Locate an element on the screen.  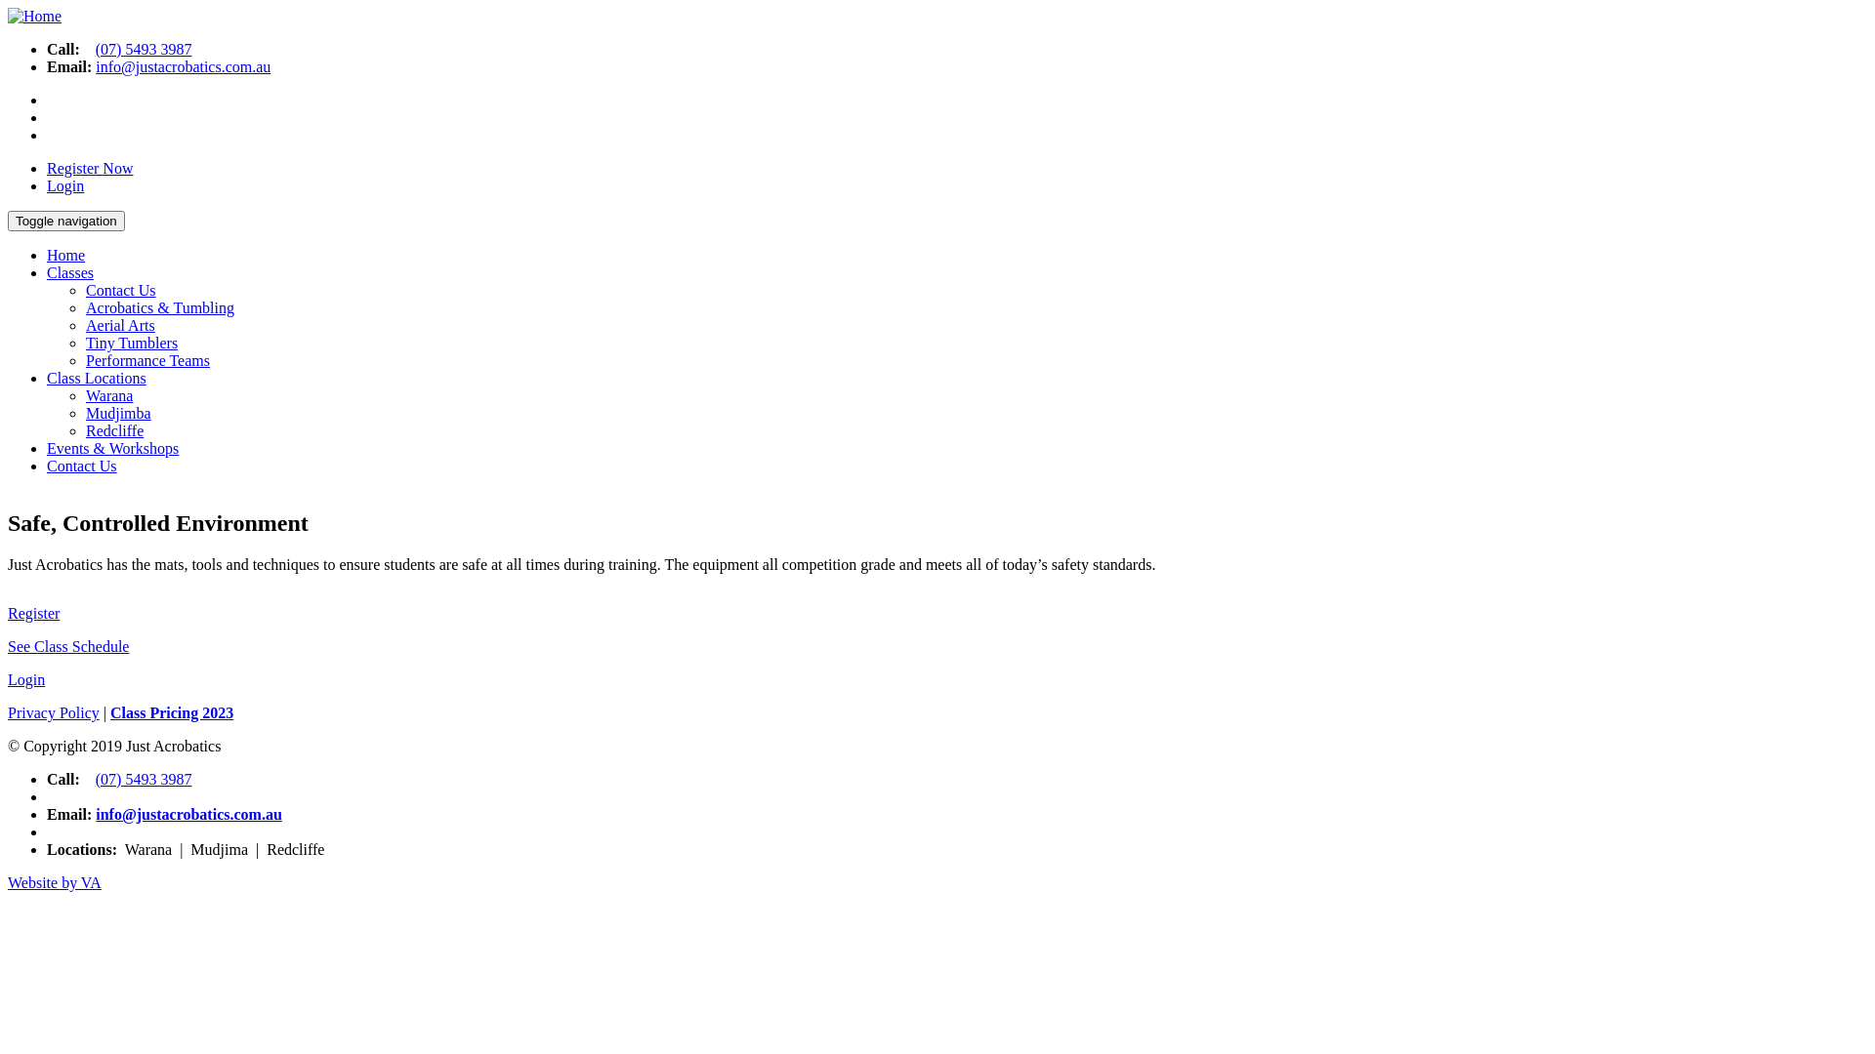
'Contact Us' is located at coordinates (120, 290).